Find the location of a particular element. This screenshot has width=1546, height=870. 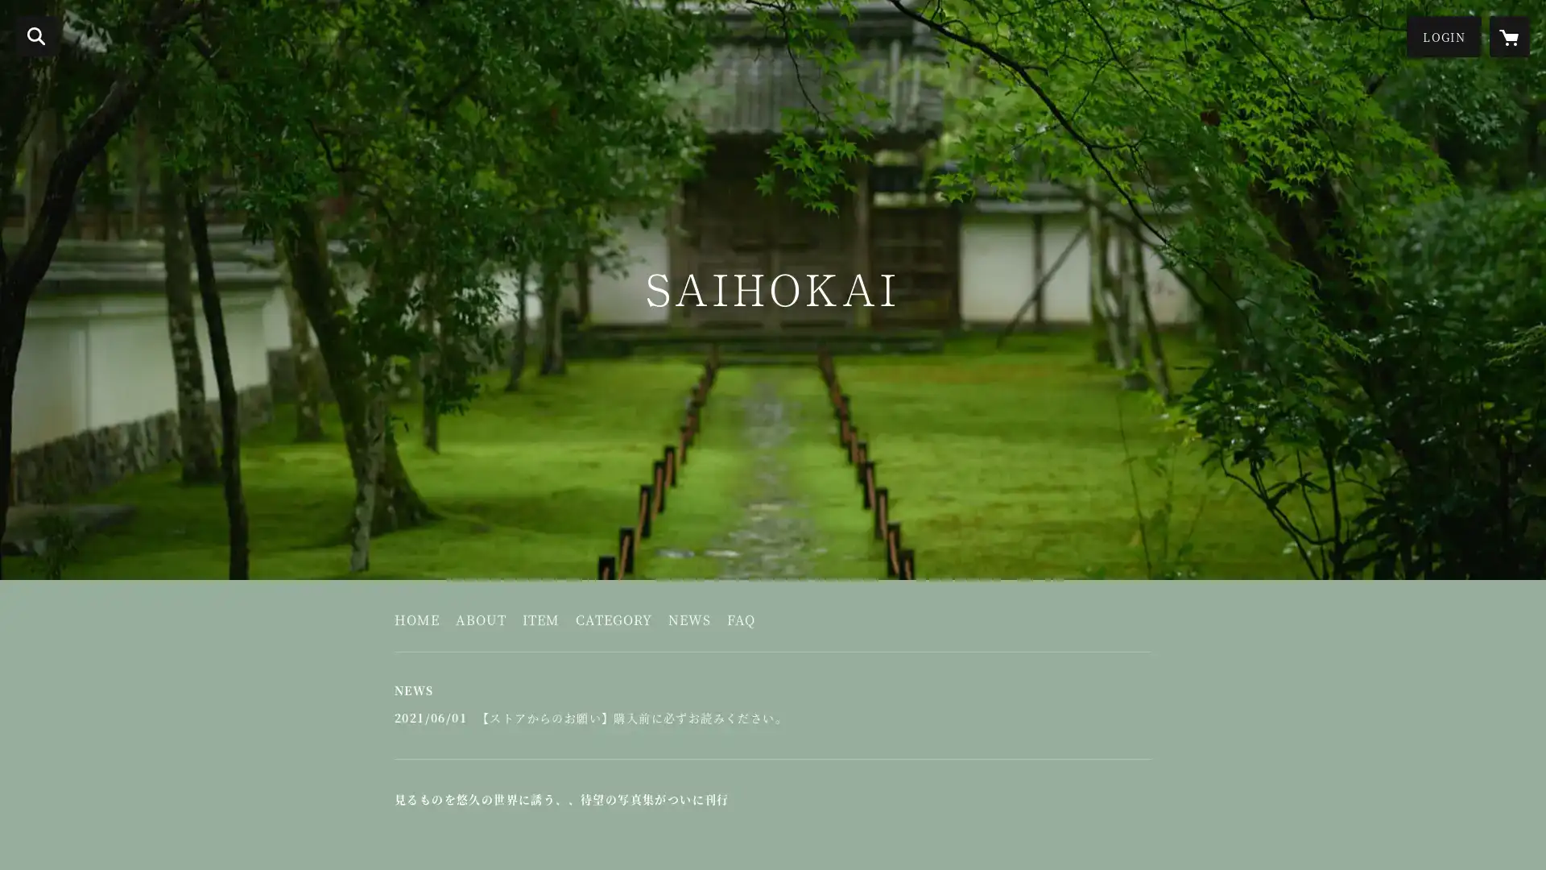

CATEGORY is located at coordinates (613, 623).